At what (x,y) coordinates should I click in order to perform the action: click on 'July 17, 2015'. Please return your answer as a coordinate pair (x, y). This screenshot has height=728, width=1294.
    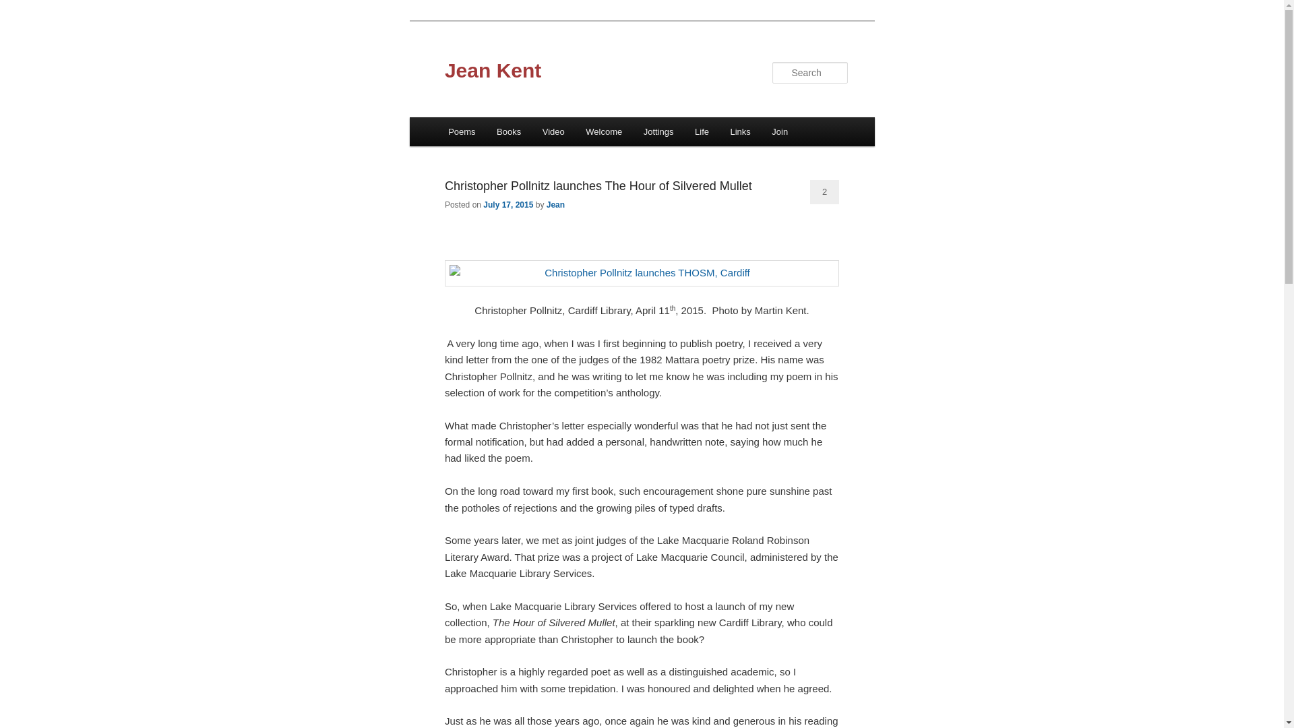
    Looking at the image, I should click on (507, 205).